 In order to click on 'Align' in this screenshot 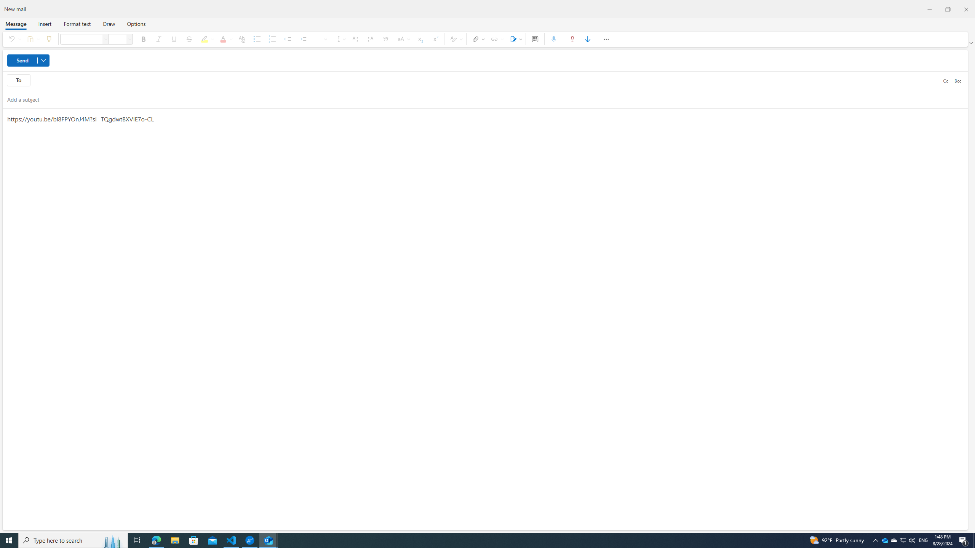, I will do `click(320, 39)`.